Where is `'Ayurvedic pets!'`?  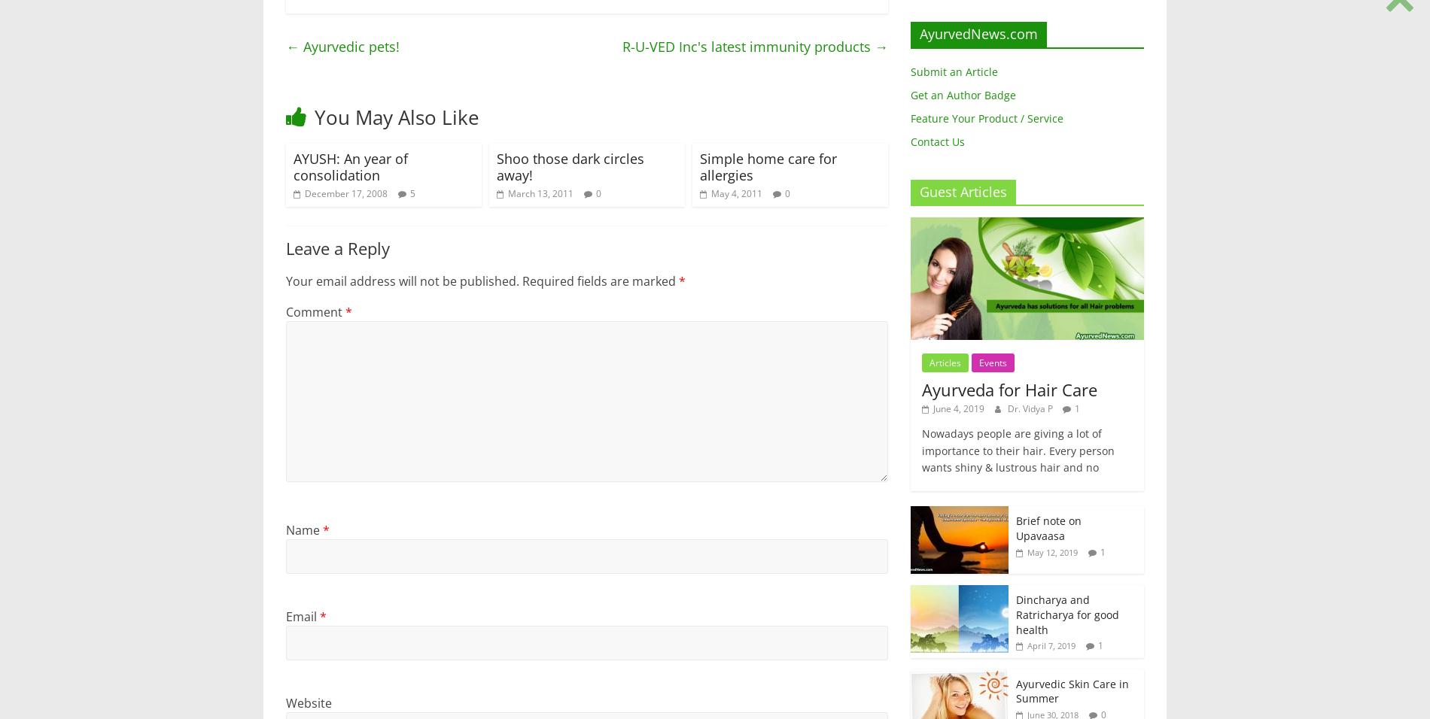 'Ayurvedic pets!' is located at coordinates (348, 46).